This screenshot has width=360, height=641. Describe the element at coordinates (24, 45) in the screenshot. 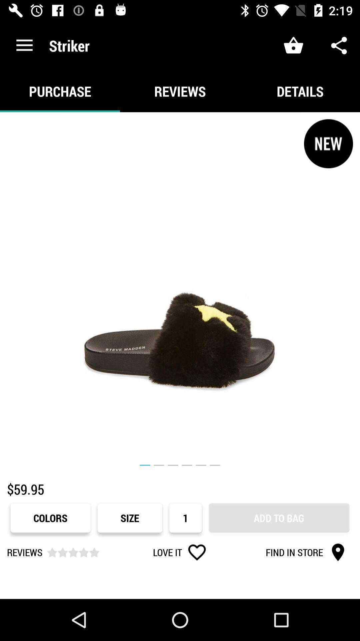

I see `icon above purchase item` at that location.